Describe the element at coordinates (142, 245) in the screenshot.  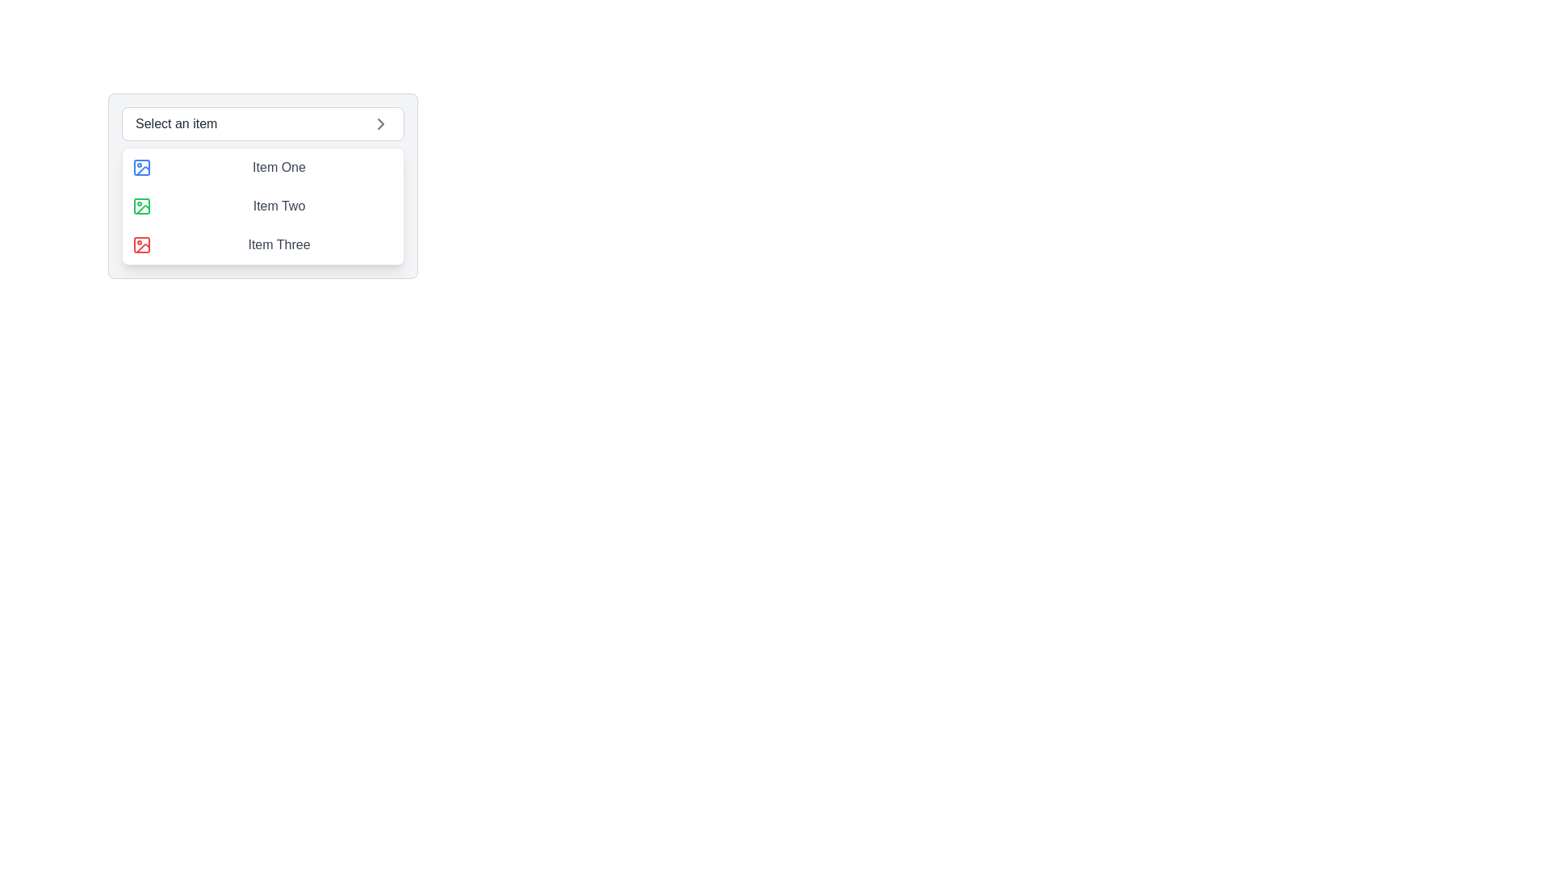
I see `the small, square-shaped image icon with a red stroke-style drawing of a mountain, located to the left of the 'Item Three' option in the dropdown menu` at that location.